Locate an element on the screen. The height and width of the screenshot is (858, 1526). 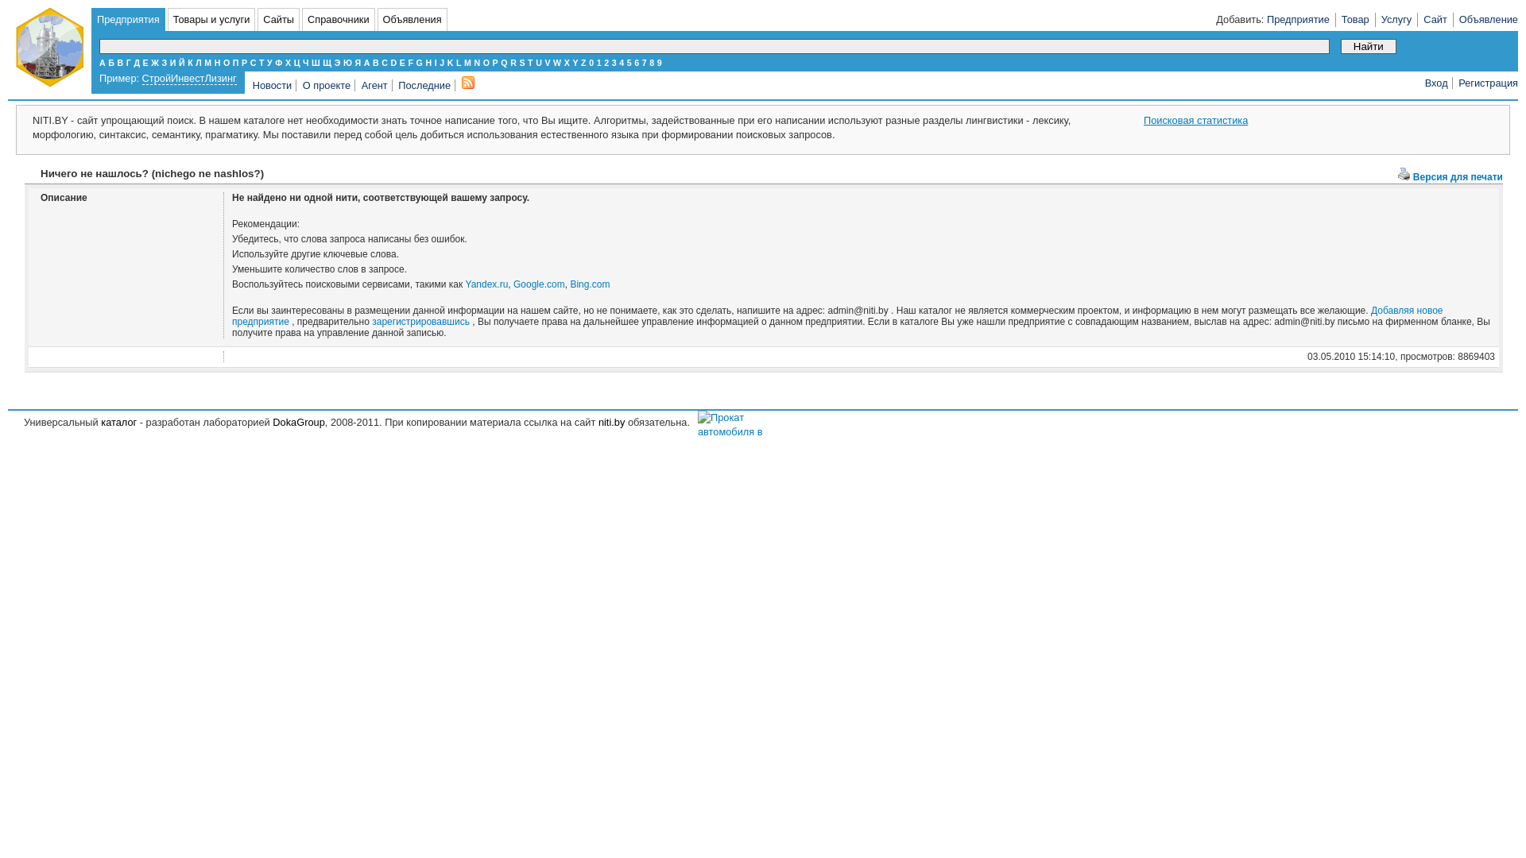
'Z' is located at coordinates (583, 61).